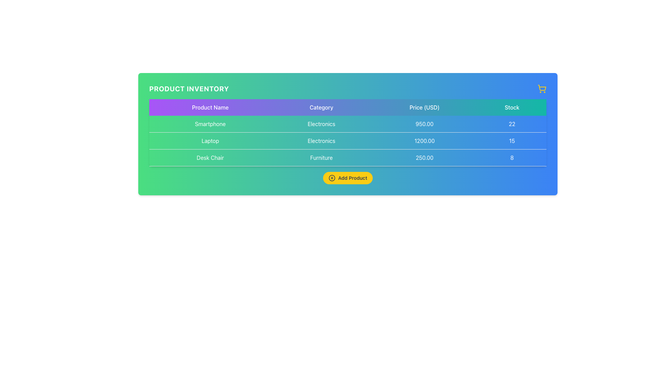 This screenshot has height=372, width=662. Describe the element at coordinates (512, 124) in the screenshot. I see `the static text element displaying the stock quantity for the 'Smartphone' product in the inventory table, located in the last column of the first row` at that location.